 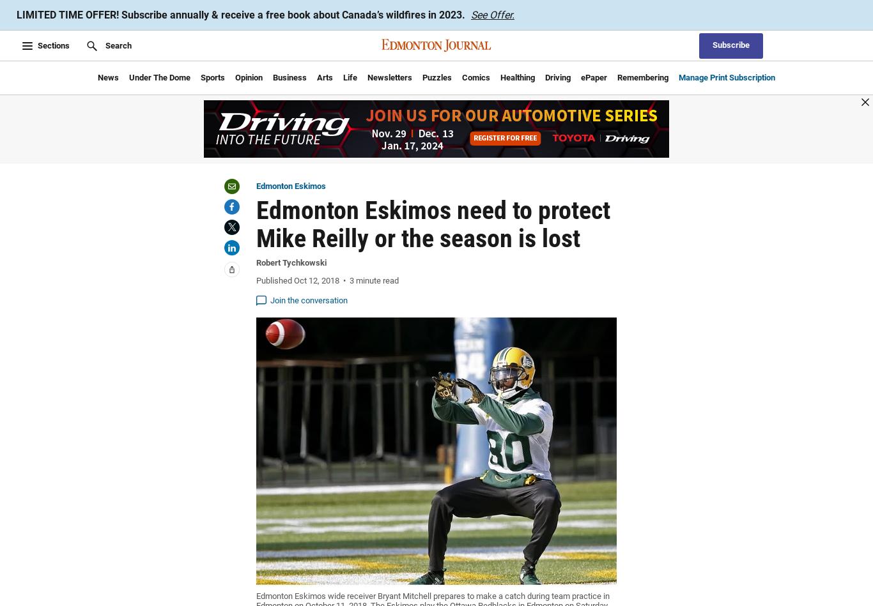 I want to click on 'News', so click(x=107, y=77).